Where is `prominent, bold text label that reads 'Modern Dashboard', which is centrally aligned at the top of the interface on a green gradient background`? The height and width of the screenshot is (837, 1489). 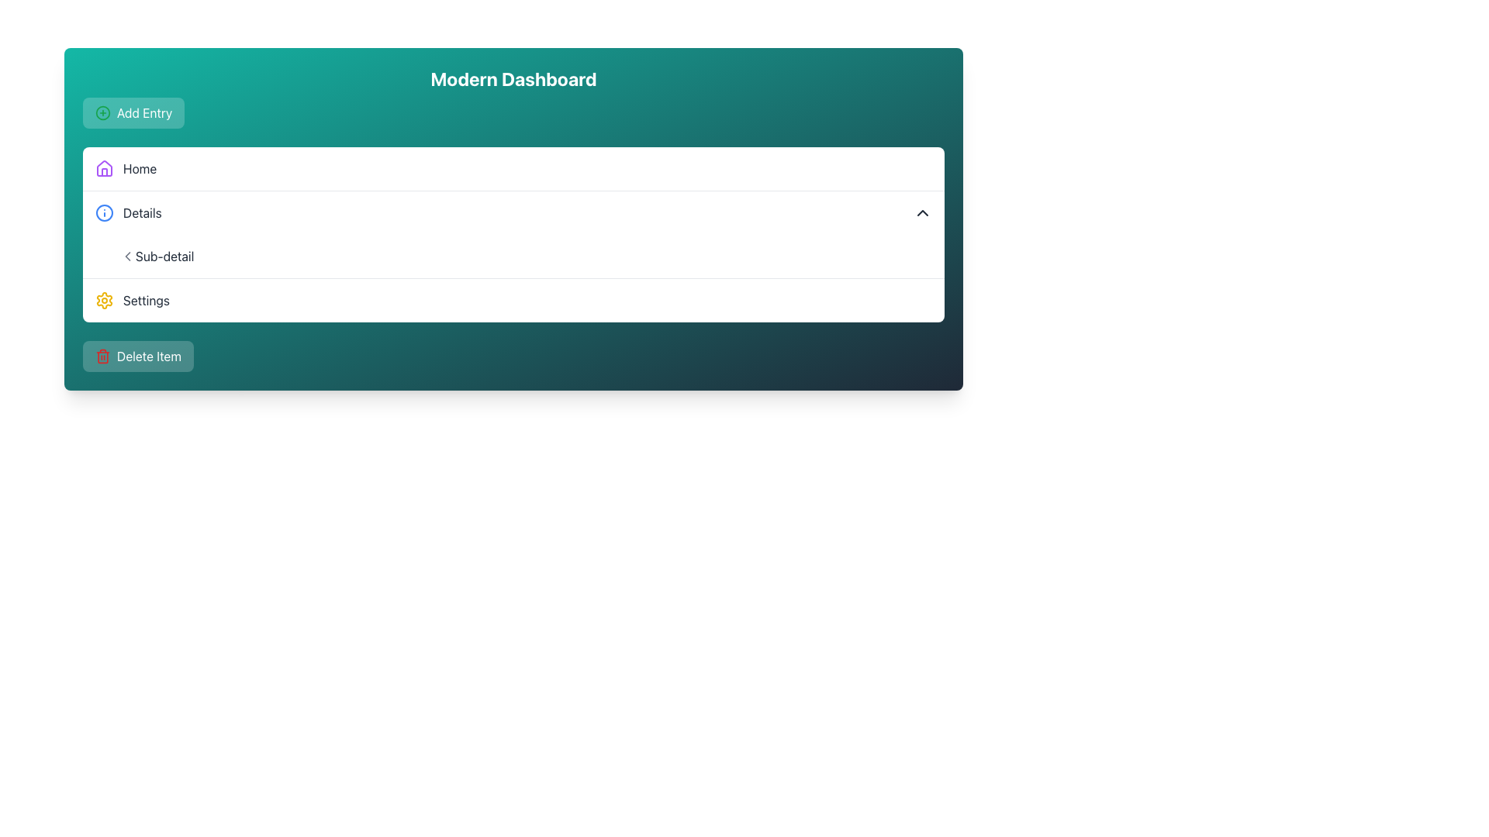
prominent, bold text label that reads 'Modern Dashboard', which is centrally aligned at the top of the interface on a green gradient background is located at coordinates (513, 78).